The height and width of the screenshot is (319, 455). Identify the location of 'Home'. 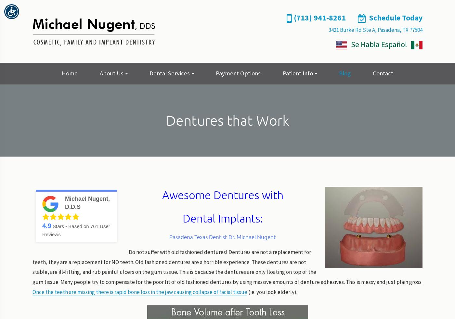
(70, 73).